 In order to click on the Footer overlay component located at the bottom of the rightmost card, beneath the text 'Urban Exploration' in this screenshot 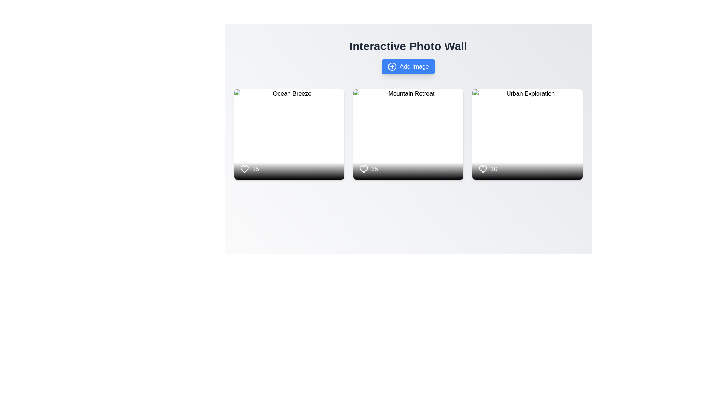, I will do `click(527, 162)`.